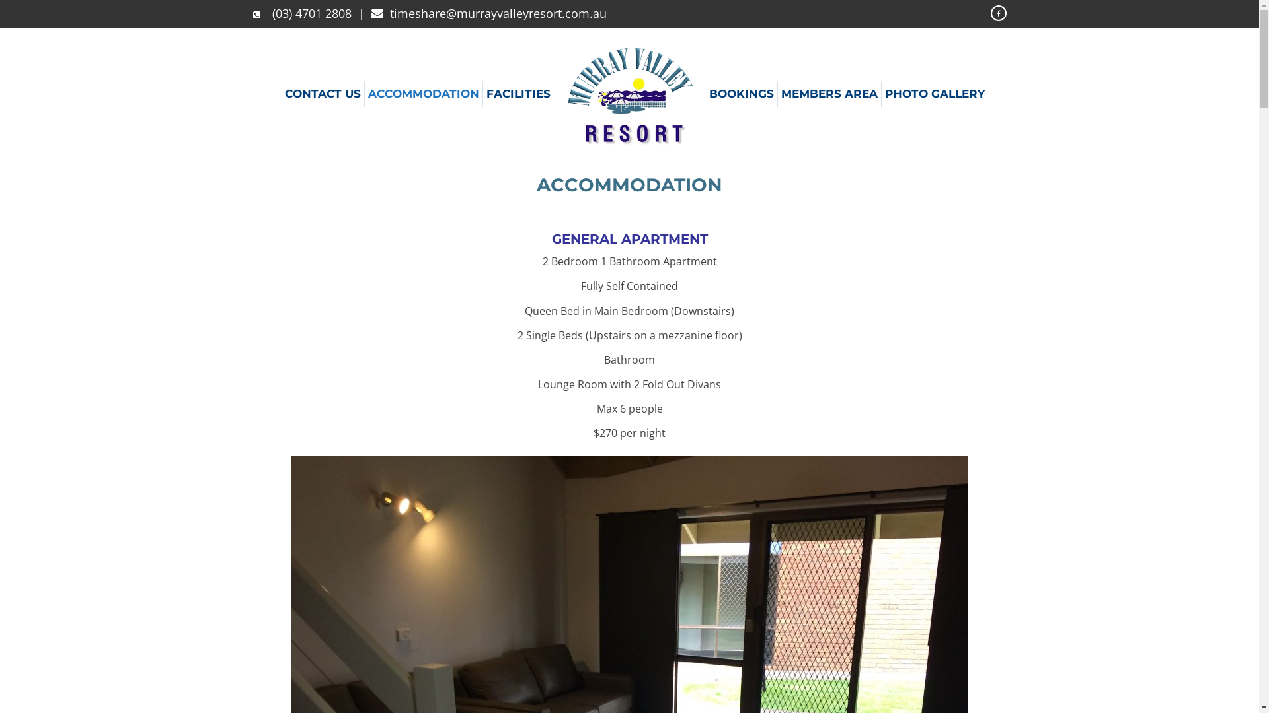  What do you see at coordinates (424, 93) in the screenshot?
I see `'ACCOMMODATION'` at bounding box center [424, 93].